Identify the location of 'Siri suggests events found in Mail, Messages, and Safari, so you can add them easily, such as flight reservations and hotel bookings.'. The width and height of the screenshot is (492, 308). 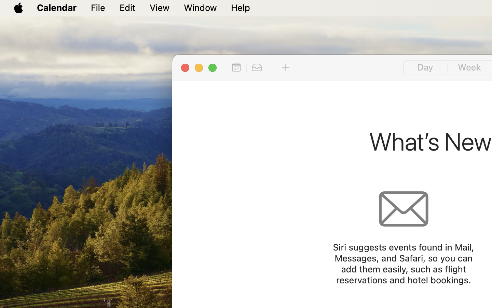
(403, 263).